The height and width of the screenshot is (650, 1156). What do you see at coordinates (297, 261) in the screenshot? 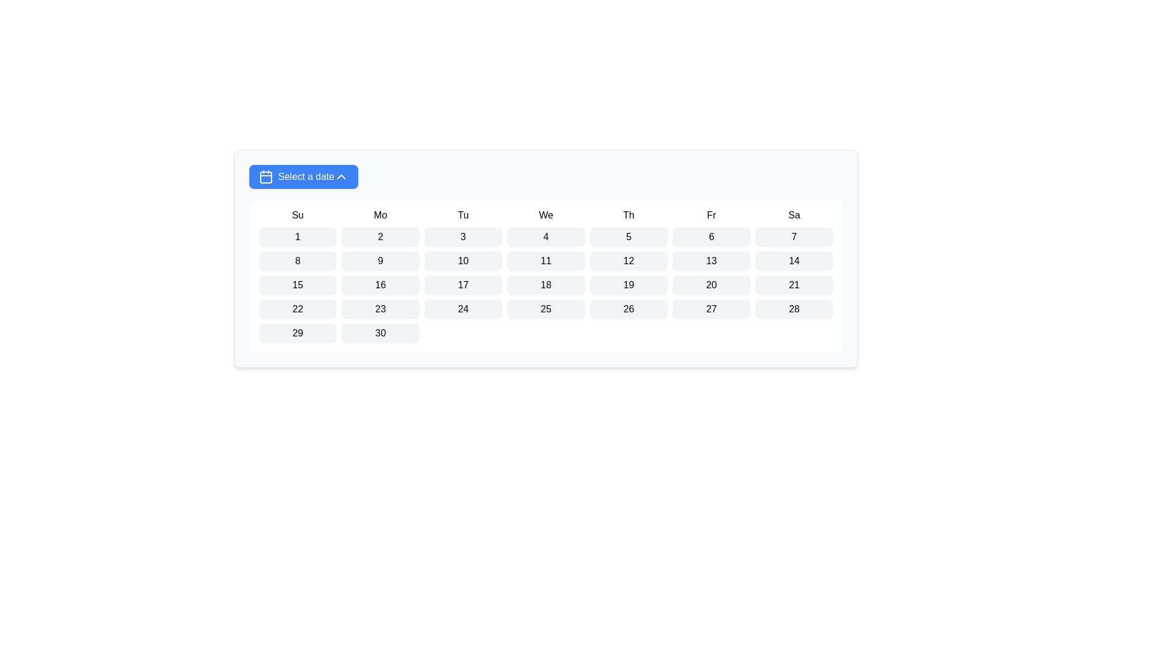
I see `the date '8' button in the calendar widget, which is located in the second row and first column of the grid layout` at bounding box center [297, 261].